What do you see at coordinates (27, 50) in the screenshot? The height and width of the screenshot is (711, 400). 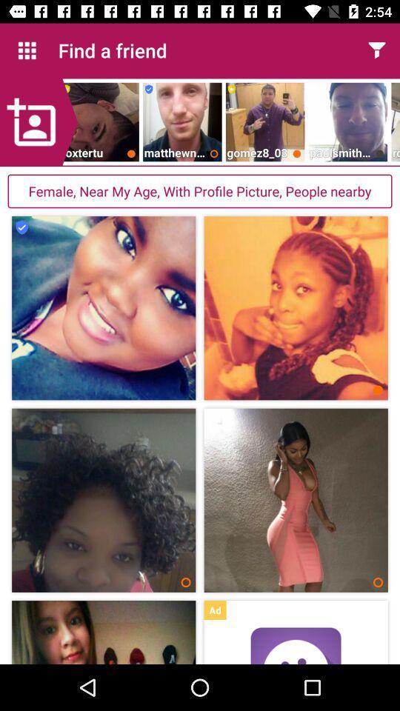 I see `icon to the left of the find a friend icon` at bounding box center [27, 50].